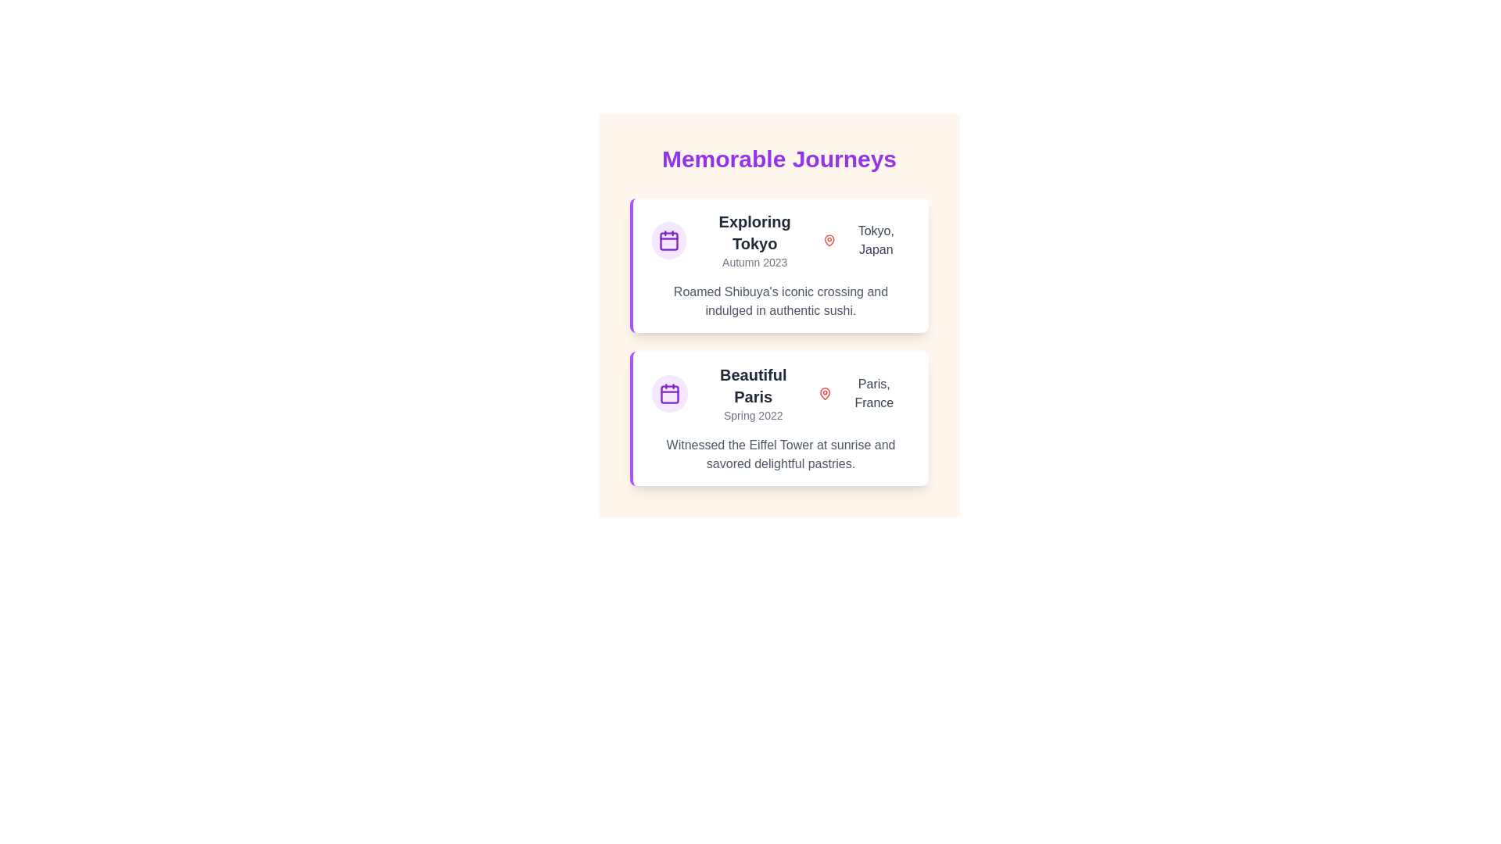  What do you see at coordinates (753, 385) in the screenshot?
I see `the text label displaying the title of the travel destination card for Paris, which is located at the top center of the card` at bounding box center [753, 385].